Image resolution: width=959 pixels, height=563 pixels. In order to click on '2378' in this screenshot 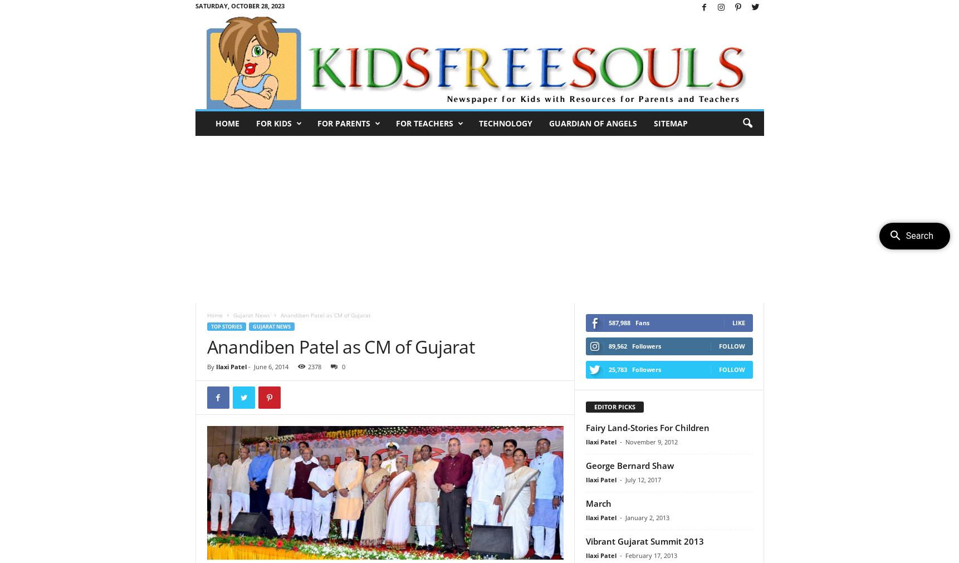, I will do `click(313, 366)`.